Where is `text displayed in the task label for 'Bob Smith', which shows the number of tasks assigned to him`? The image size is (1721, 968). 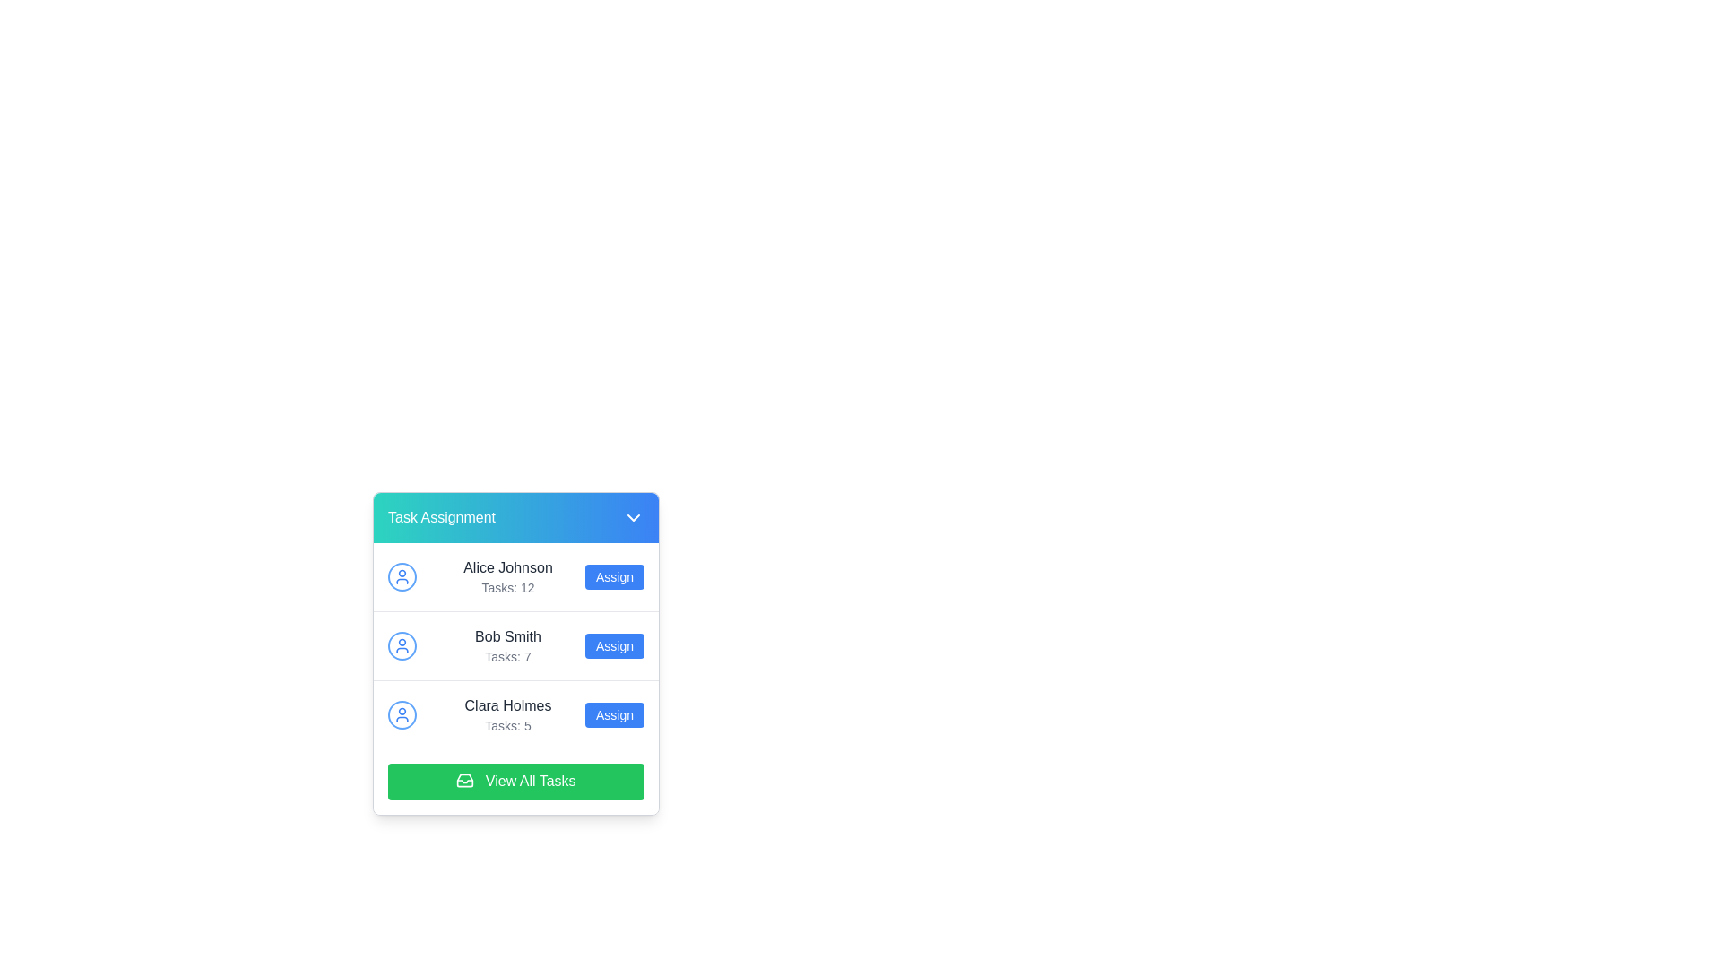 text displayed in the task label for 'Bob Smith', which shows the number of tasks assigned to him is located at coordinates (506, 656).